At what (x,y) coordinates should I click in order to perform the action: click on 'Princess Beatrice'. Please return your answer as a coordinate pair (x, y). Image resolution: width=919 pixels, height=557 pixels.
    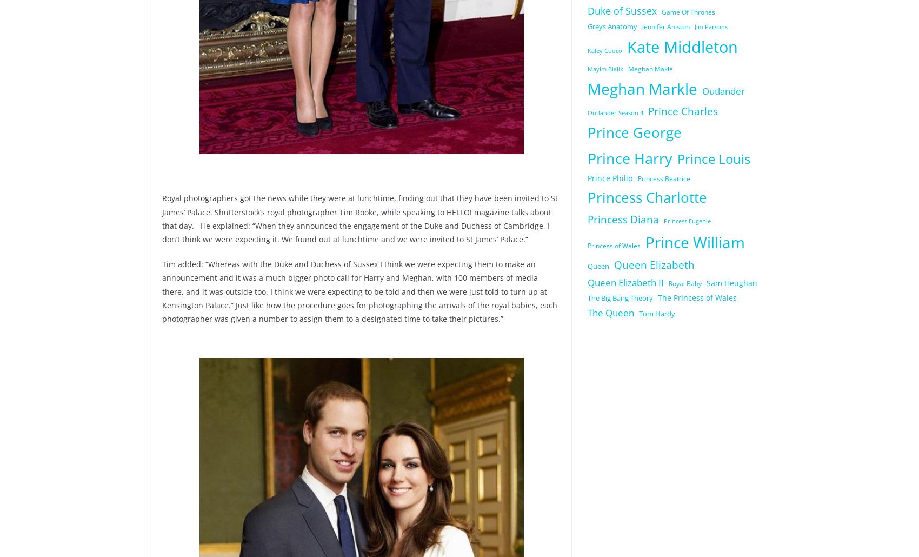
    Looking at the image, I should click on (663, 178).